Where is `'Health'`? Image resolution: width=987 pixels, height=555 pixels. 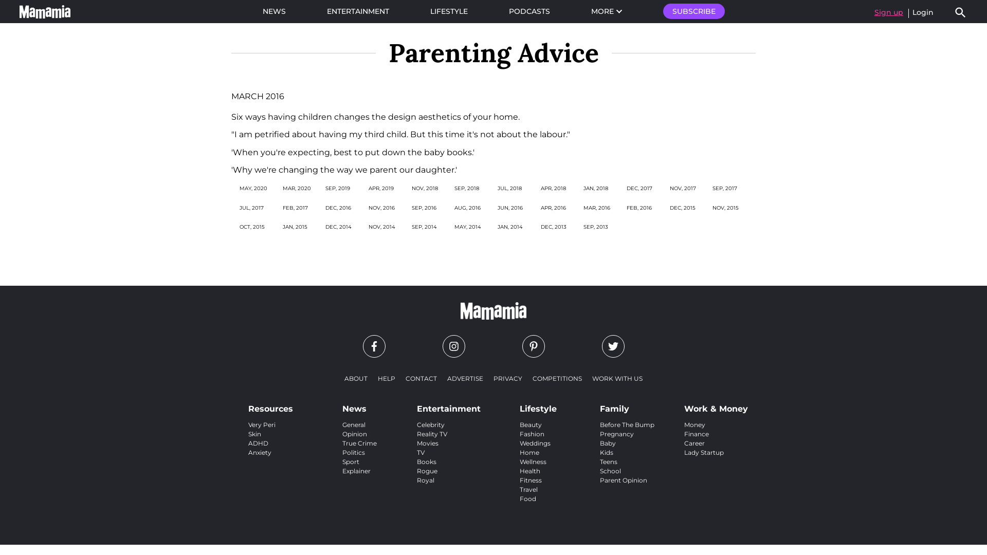 'Health' is located at coordinates (530, 471).